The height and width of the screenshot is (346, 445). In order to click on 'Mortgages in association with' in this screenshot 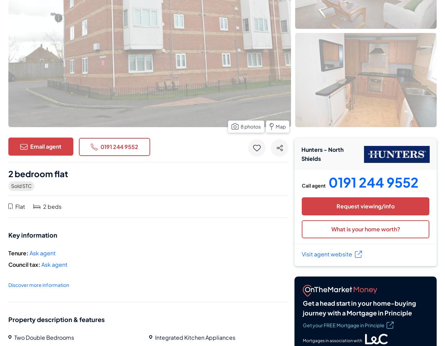, I will do `click(332, 340)`.